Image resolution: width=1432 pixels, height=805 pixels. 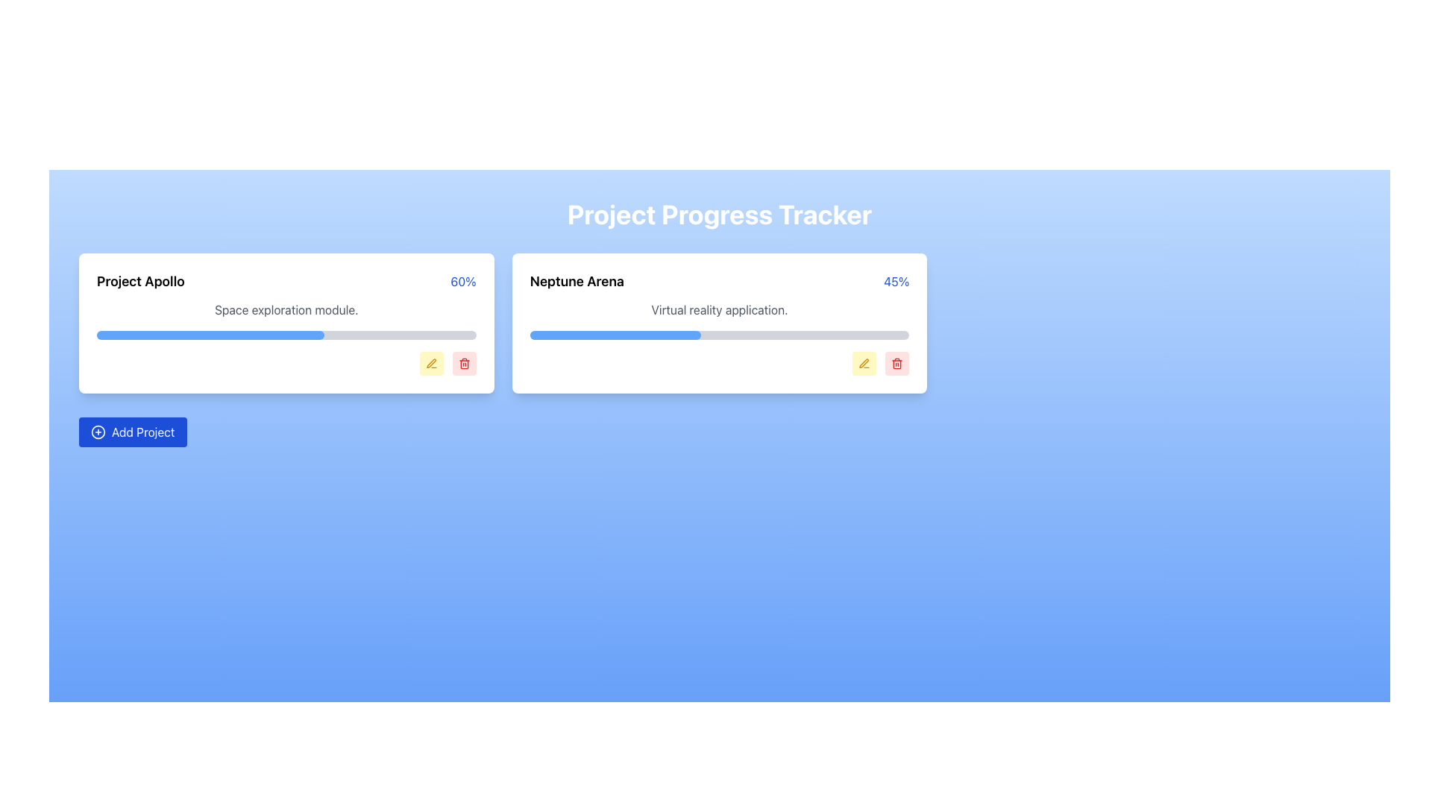 What do you see at coordinates (896, 282) in the screenshot?
I see `the '45%' text label in blue font, which is positioned in the upper-right corner of the 'Neptune Arena' card to trigger a tooltip` at bounding box center [896, 282].